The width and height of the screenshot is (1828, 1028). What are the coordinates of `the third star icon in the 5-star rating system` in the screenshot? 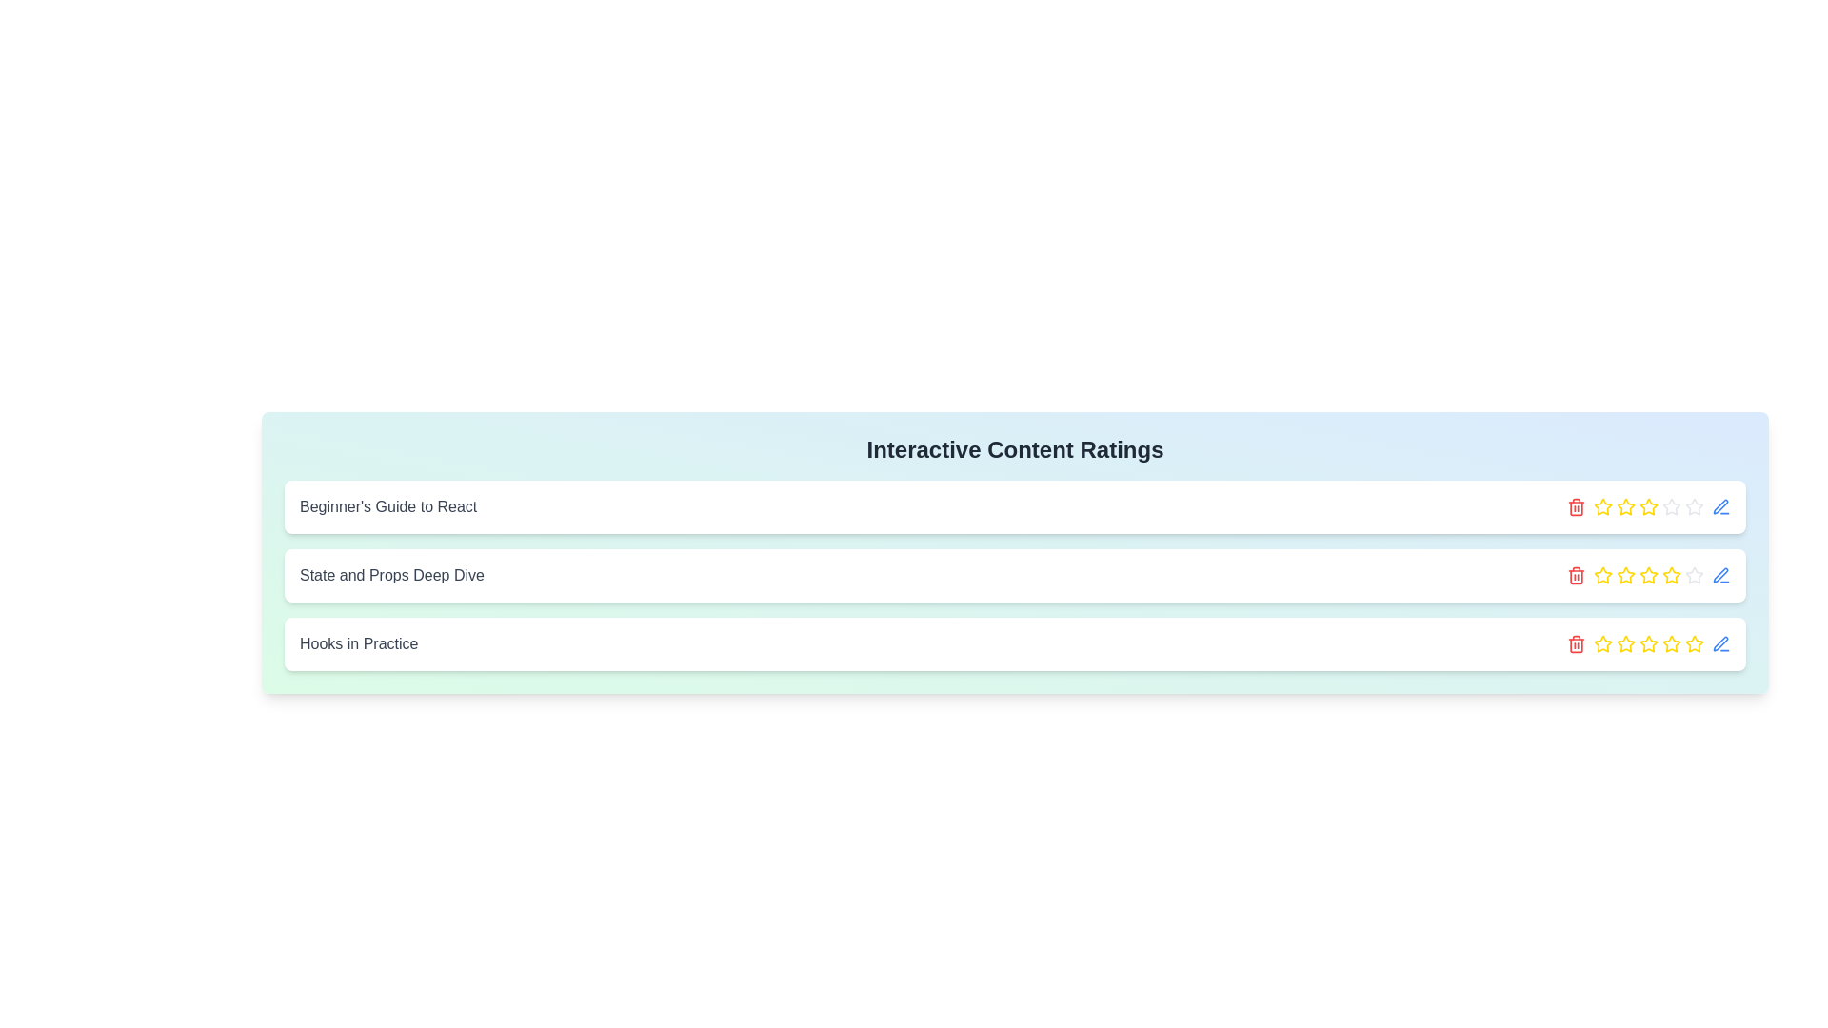 It's located at (1648, 643).